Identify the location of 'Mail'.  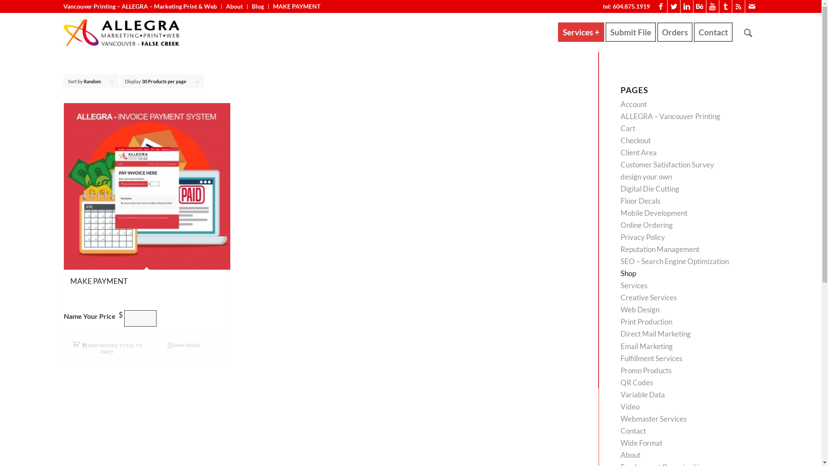
(745, 6).